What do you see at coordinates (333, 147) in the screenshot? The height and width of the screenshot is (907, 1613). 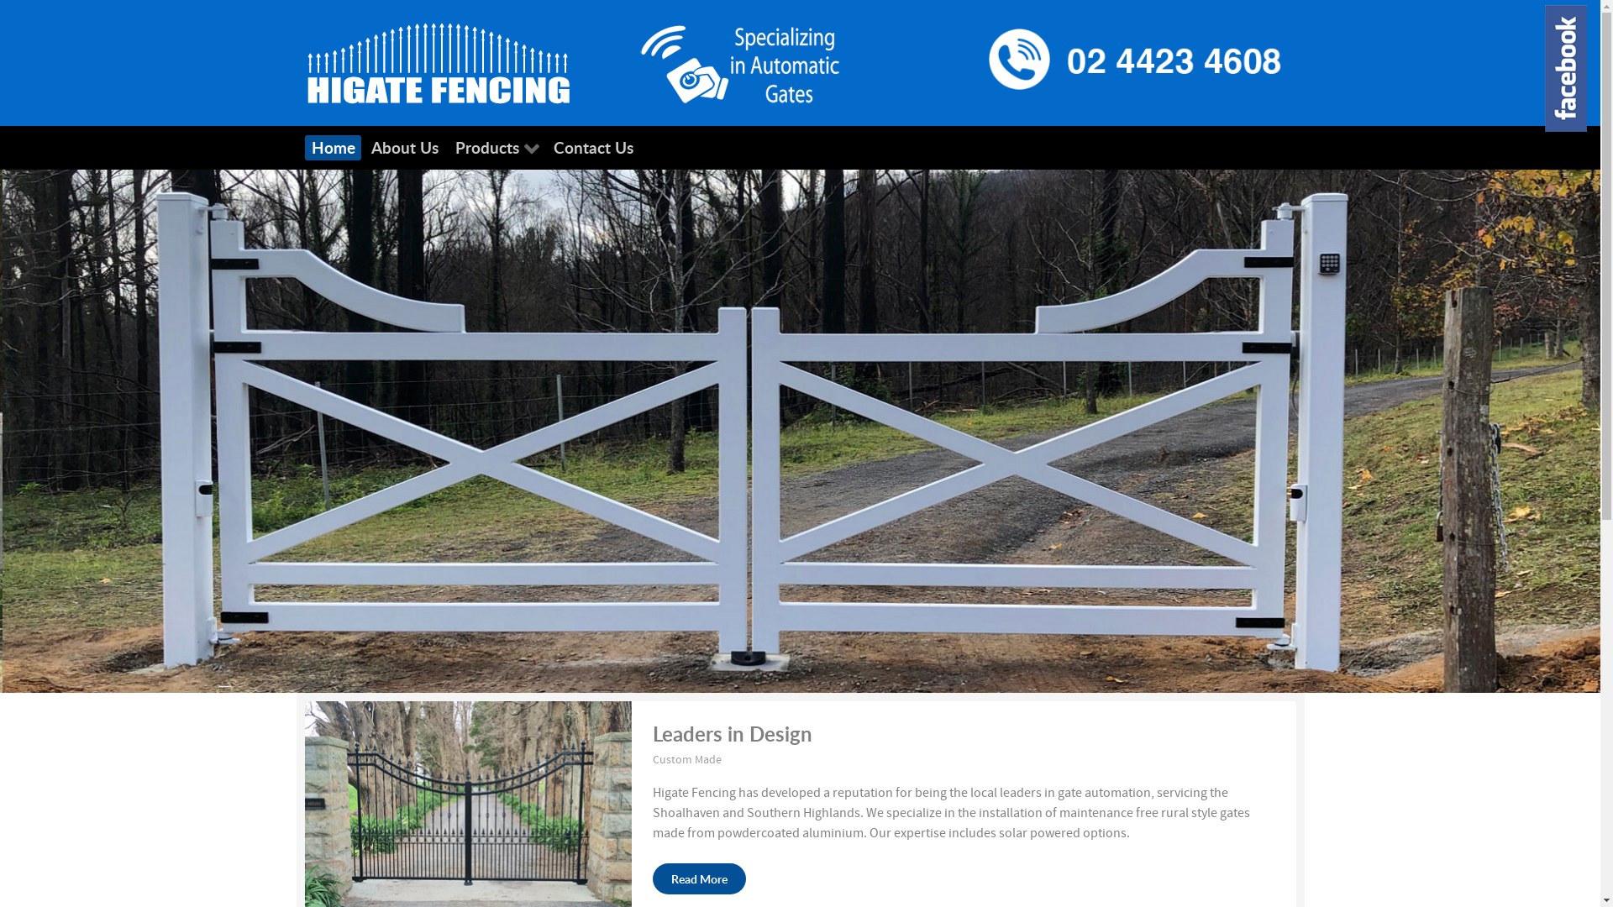 I see `'Home'` at bounding box center [333, 147].